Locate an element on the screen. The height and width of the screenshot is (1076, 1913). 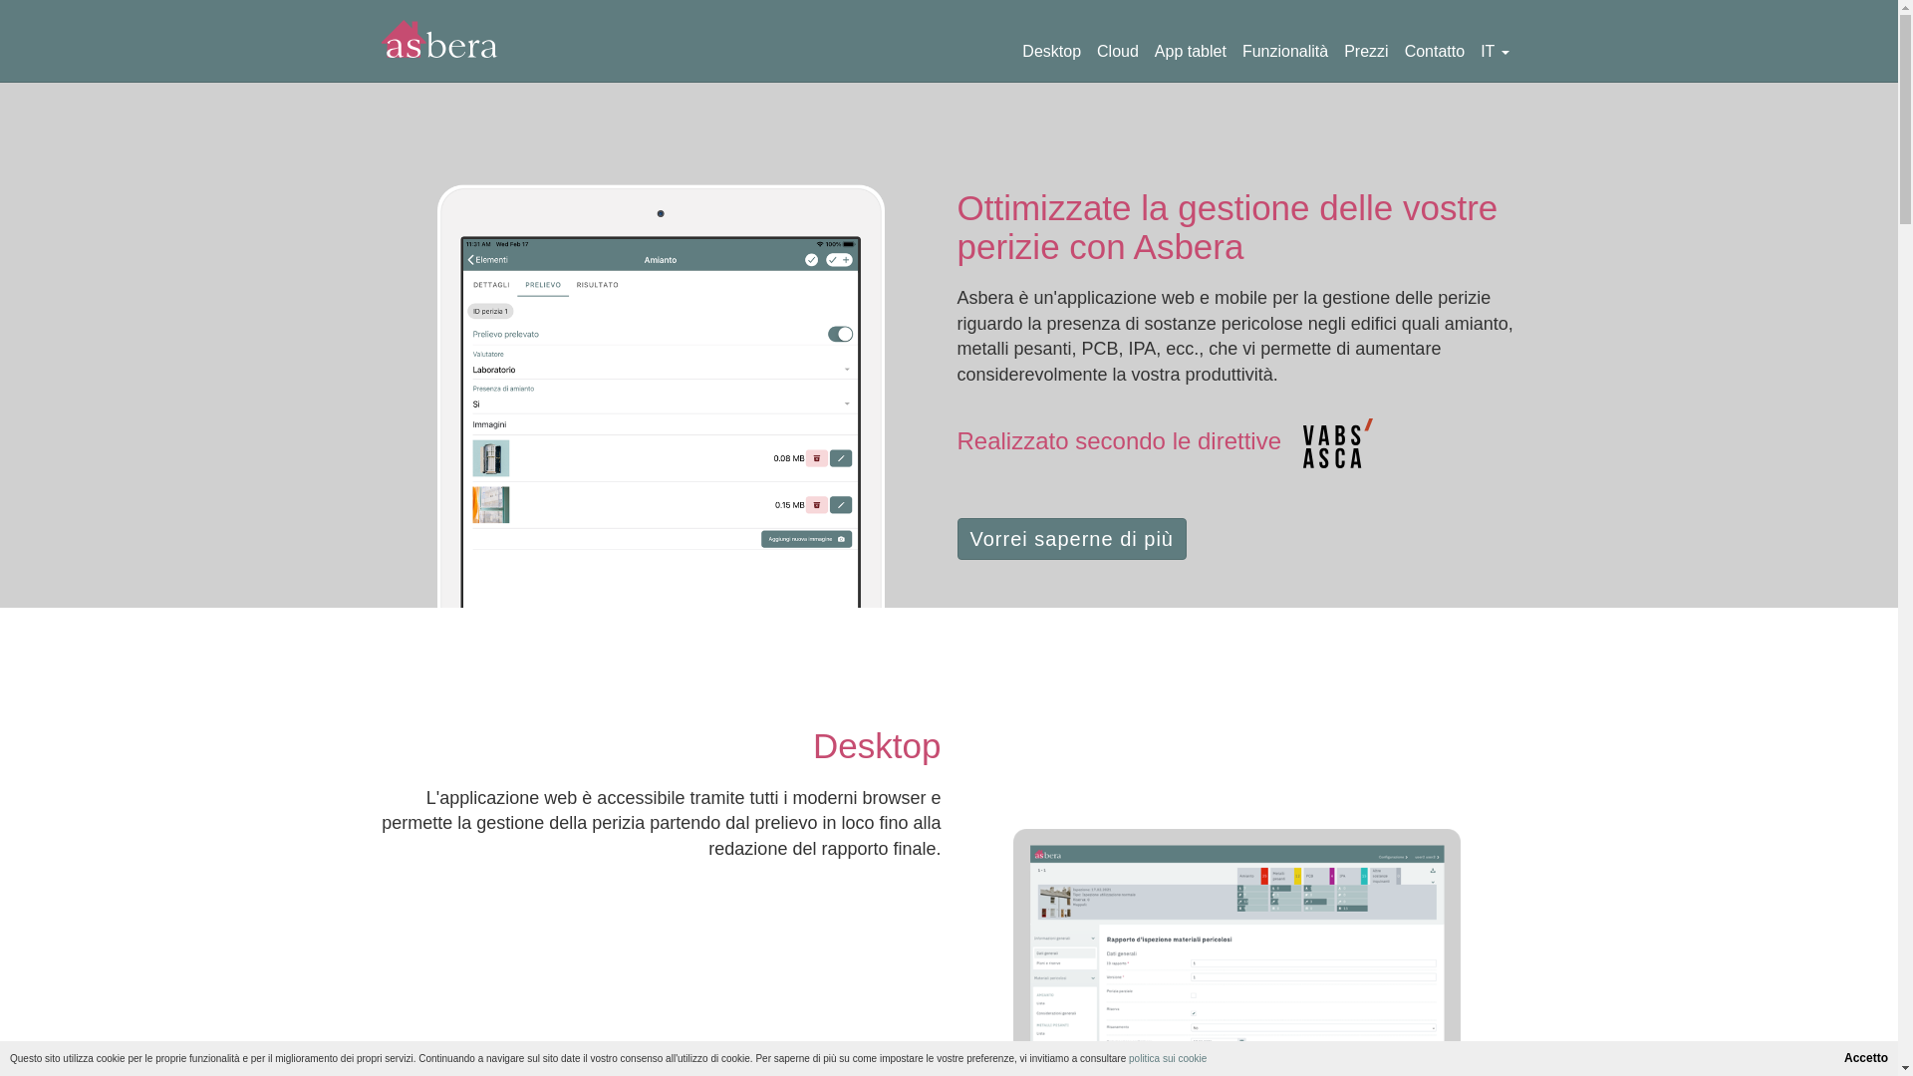
'politica sui cookie' is located at coordinates (1128, 1057).